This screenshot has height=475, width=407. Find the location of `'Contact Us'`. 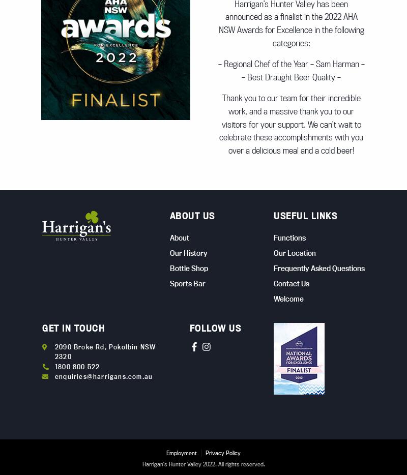

'Contact Us' is located at coordinates (291, 283).